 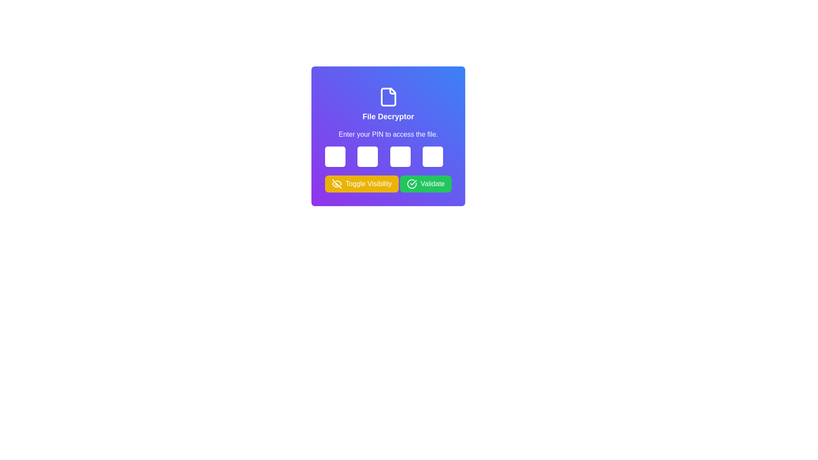 I want to click on the third text input field in a grid layout and tab to the next input field, so click(x=400, y=156).